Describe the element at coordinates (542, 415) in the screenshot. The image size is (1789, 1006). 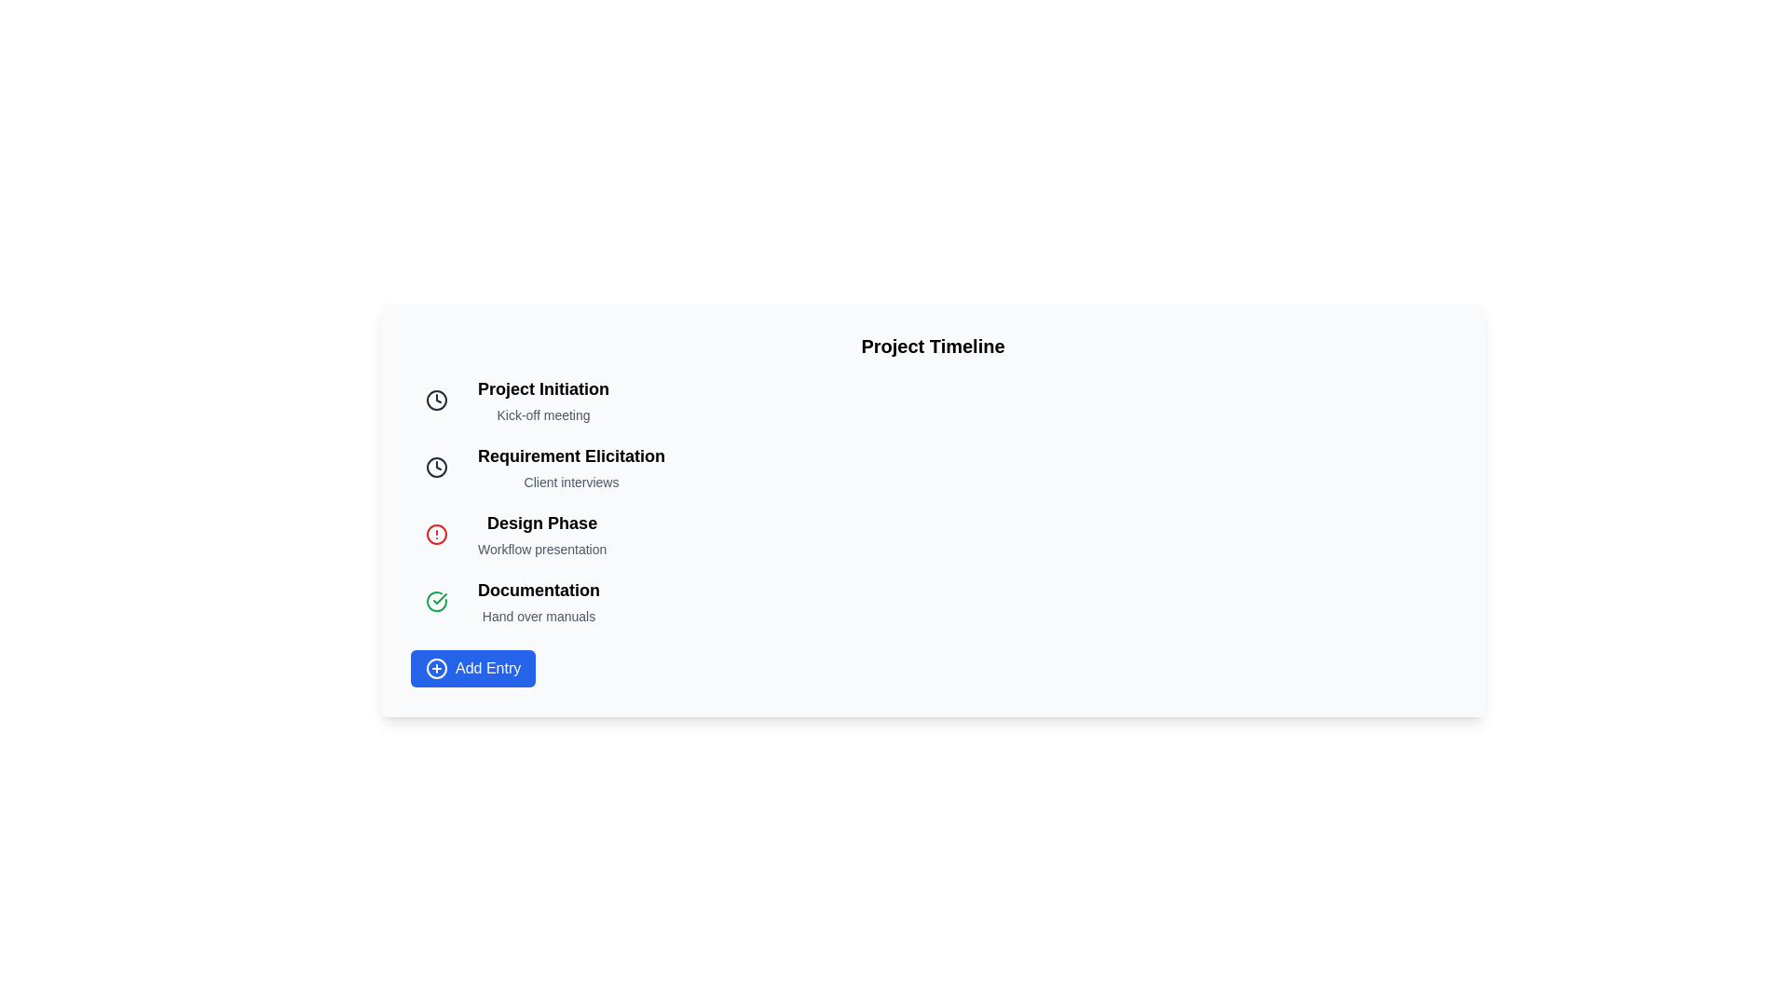
I see `the descriptive subtitle text label located directly below the 'Project Initiation' heading in the vertical timeline of events` at that location.